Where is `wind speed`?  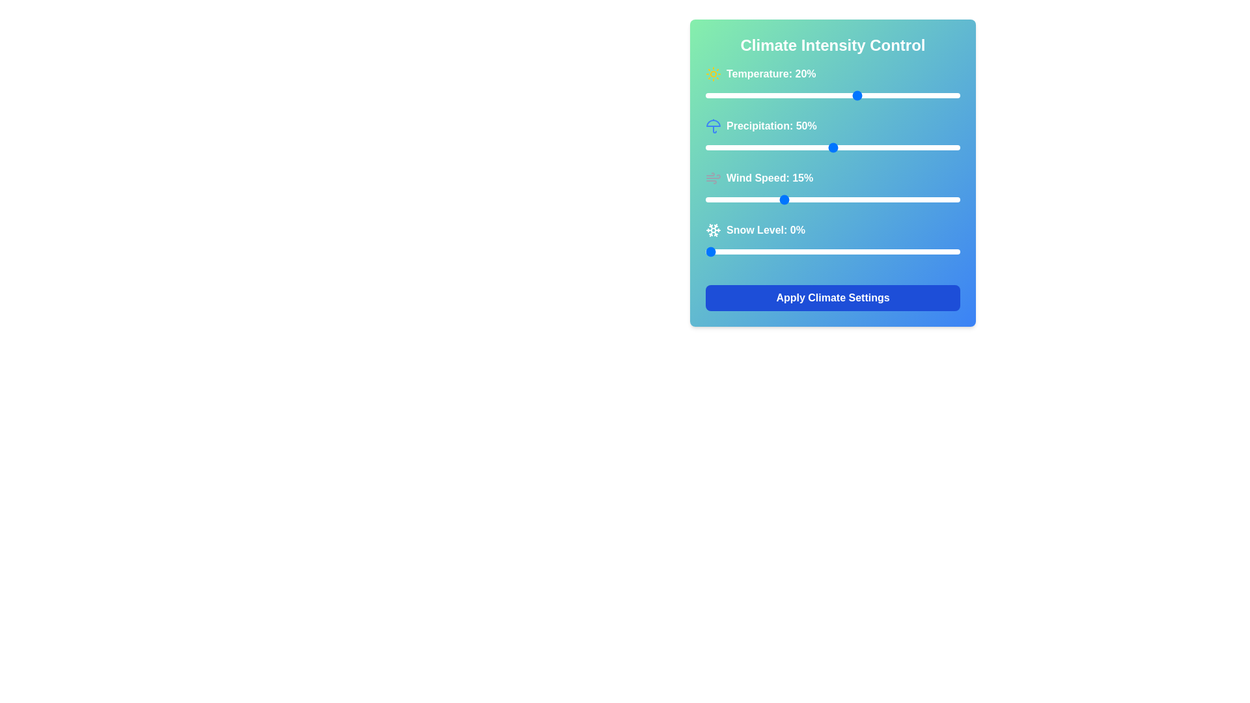
wind speed is located at coordinates (908, 200).